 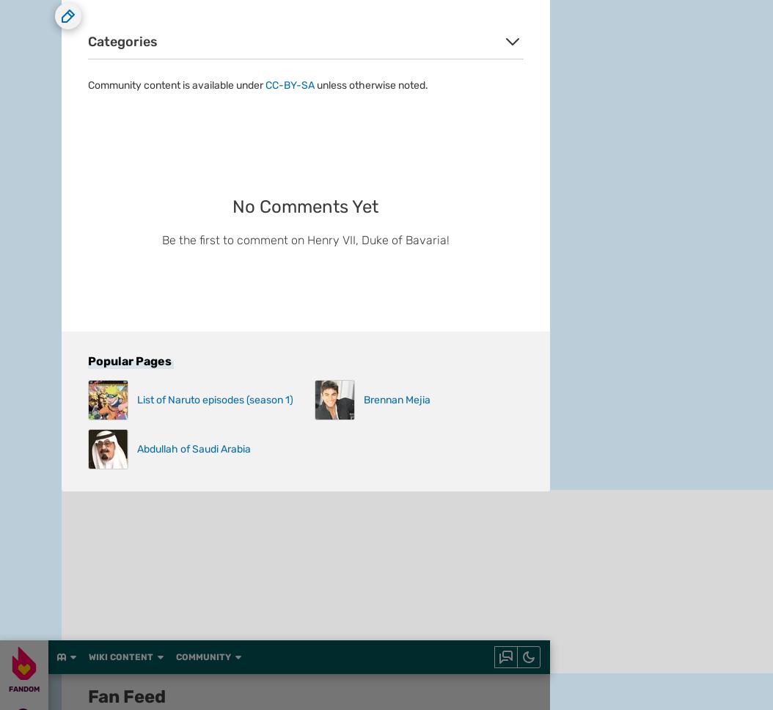 I want to click on 'What is Fandom?', so click(x=100, y=189).